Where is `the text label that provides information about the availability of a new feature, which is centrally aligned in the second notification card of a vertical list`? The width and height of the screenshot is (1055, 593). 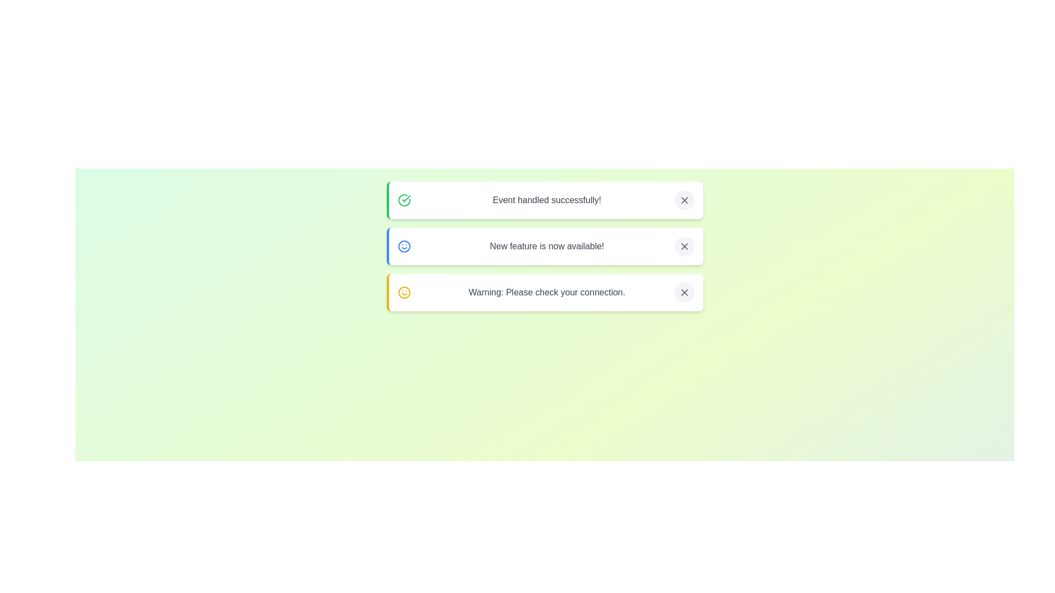 the text label that provides information about the availability of a new feature, which is centrally aligned in the second notification card of a vertical list is located at coordinates (547, 245).